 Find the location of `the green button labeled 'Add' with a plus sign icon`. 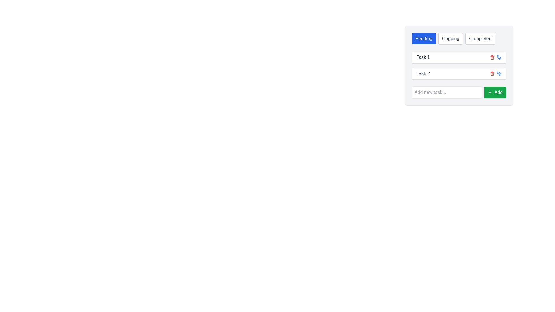

the green button labeled 'Add' with a plus sign icon is located at coordinates (495, 92).